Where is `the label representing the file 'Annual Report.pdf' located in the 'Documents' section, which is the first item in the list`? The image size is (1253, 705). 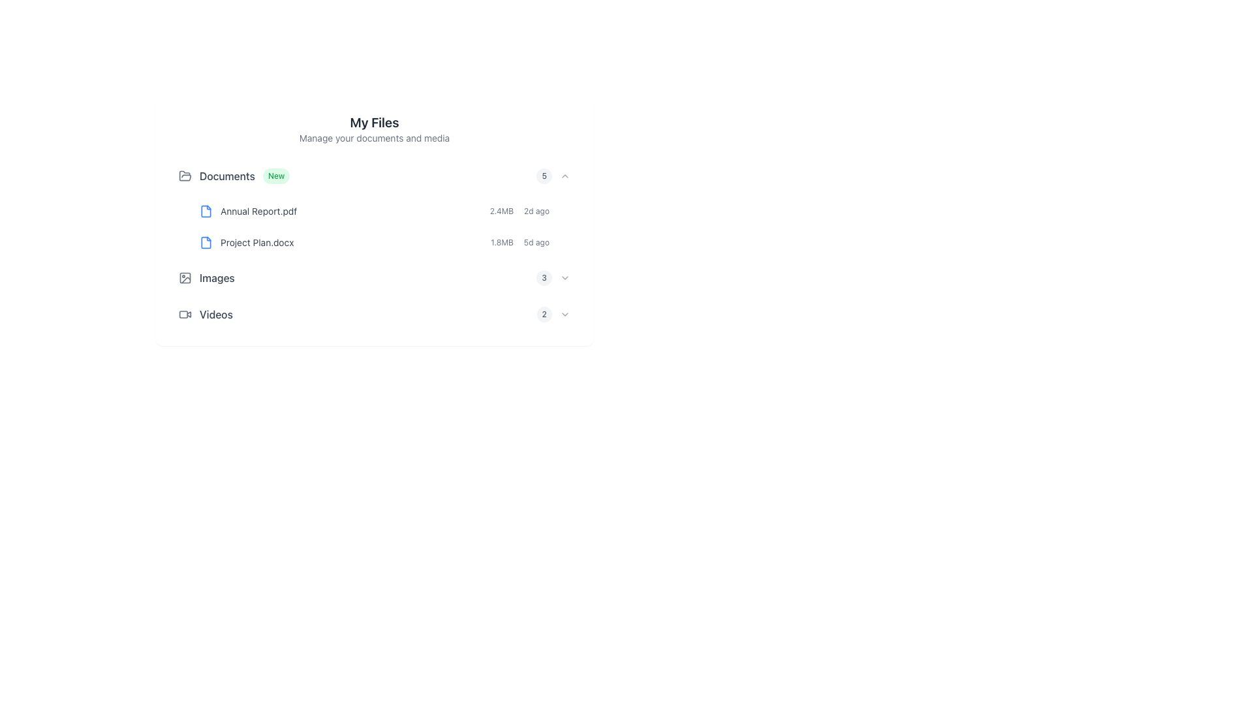 the label representing the file 'Annual Report.pdf' located in the 'Documents' section, which is the first item in the list is located at coordinates (248, 211).